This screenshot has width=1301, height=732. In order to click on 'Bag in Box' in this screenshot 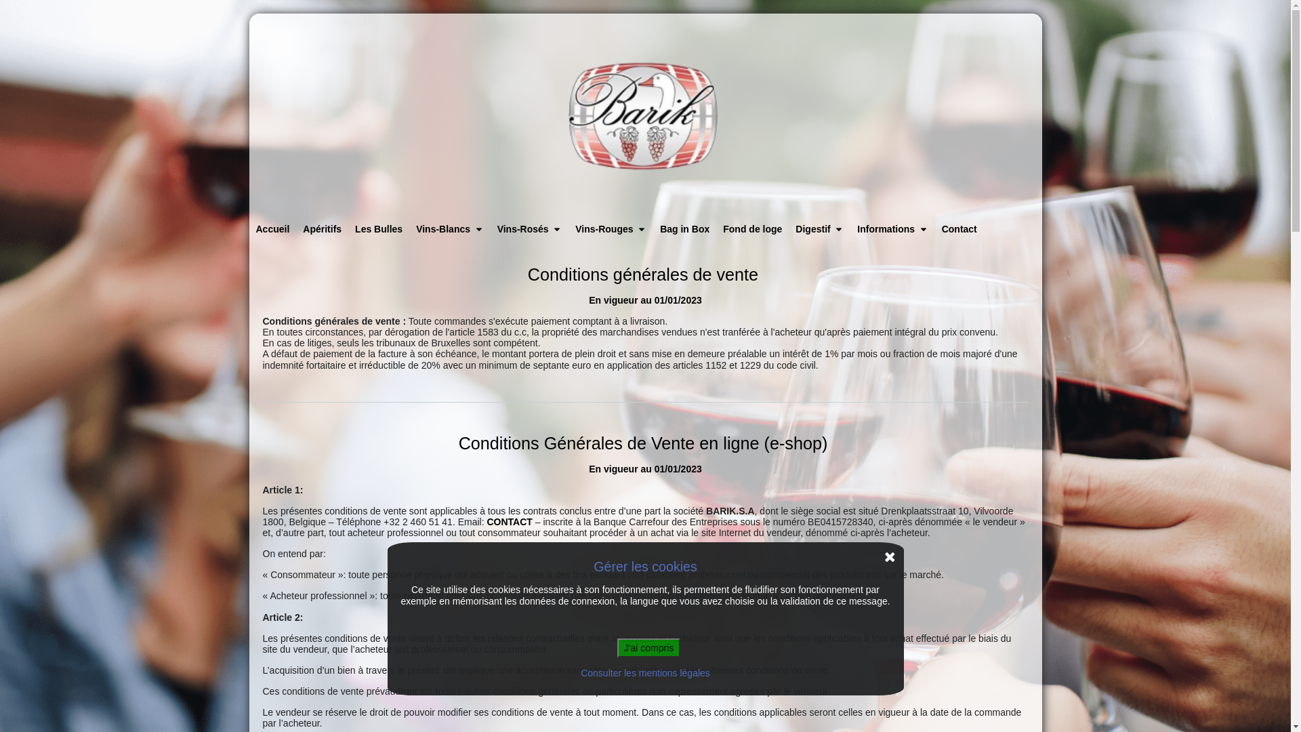, I will do `click(684, 228)`.